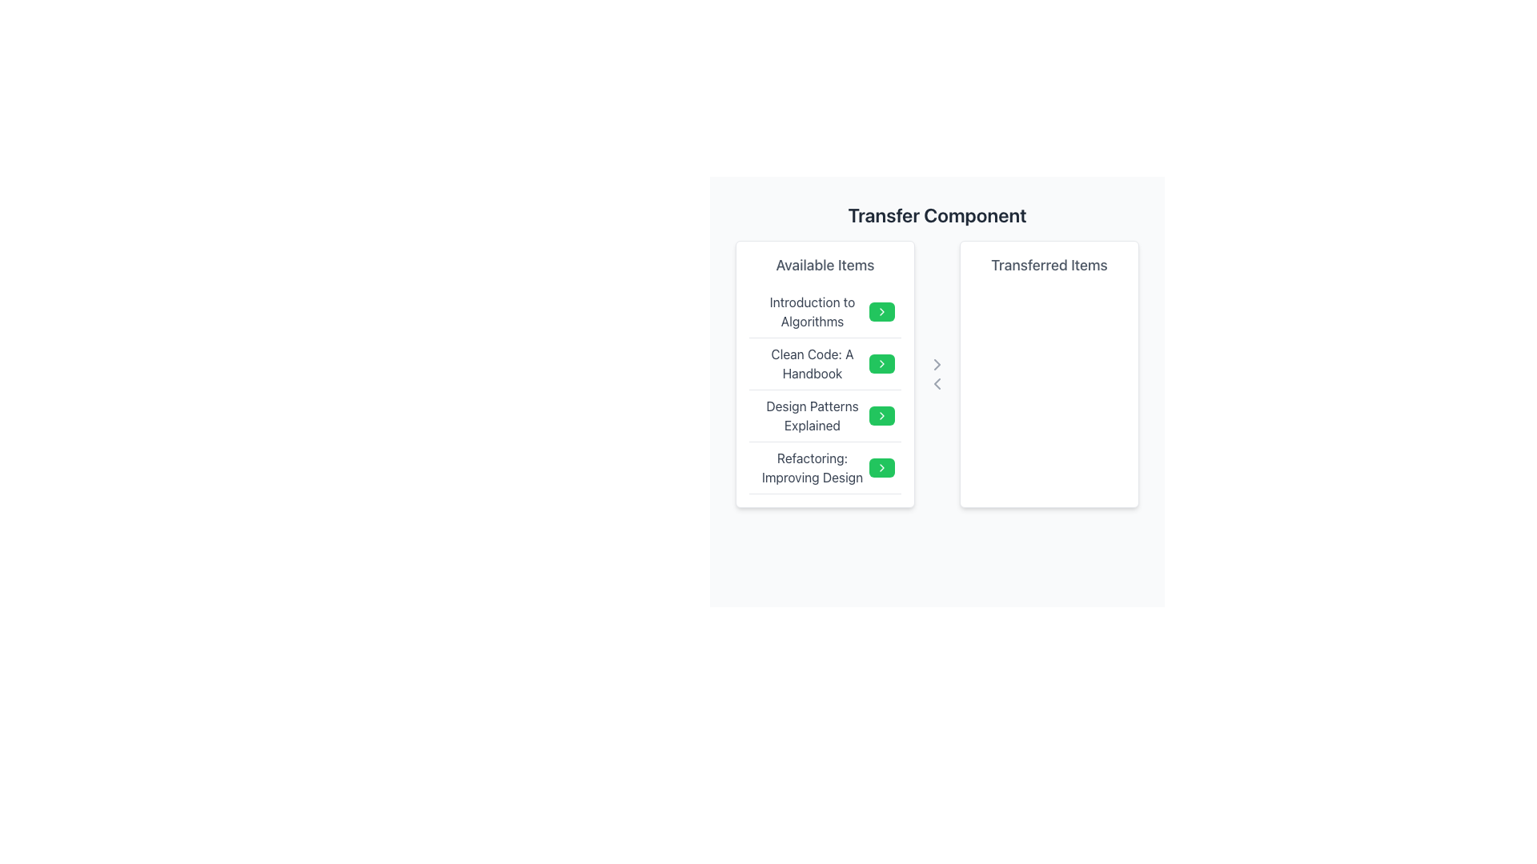 This screenshot has height=864, width=1537. Describe the element at coordinates (881, 311) in the screenshot. I see `the transfer button for 'Introduction to Algorithms' located in the 'Available Items' section` at that location.